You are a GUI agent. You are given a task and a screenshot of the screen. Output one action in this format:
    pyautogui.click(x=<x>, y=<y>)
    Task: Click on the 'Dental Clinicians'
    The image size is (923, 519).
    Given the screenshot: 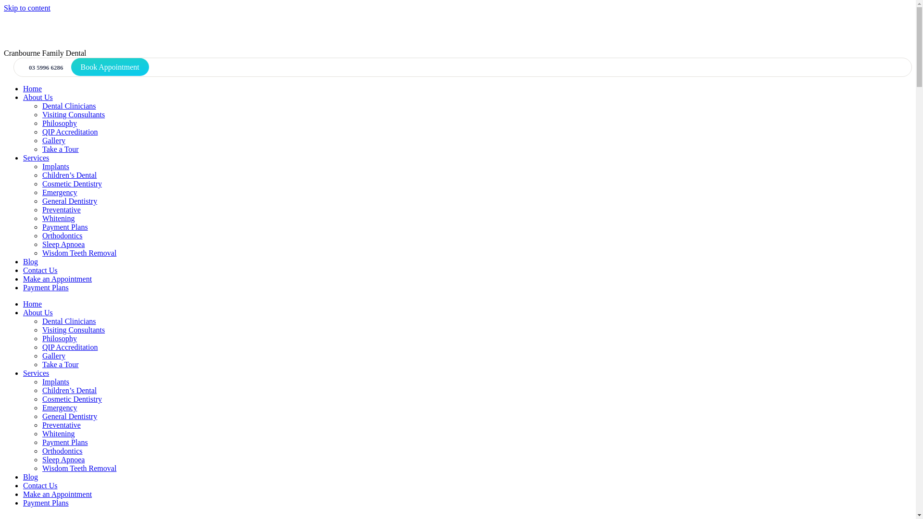 What is the action you would take?
    pyautogui.click(x=69, y=321)
    